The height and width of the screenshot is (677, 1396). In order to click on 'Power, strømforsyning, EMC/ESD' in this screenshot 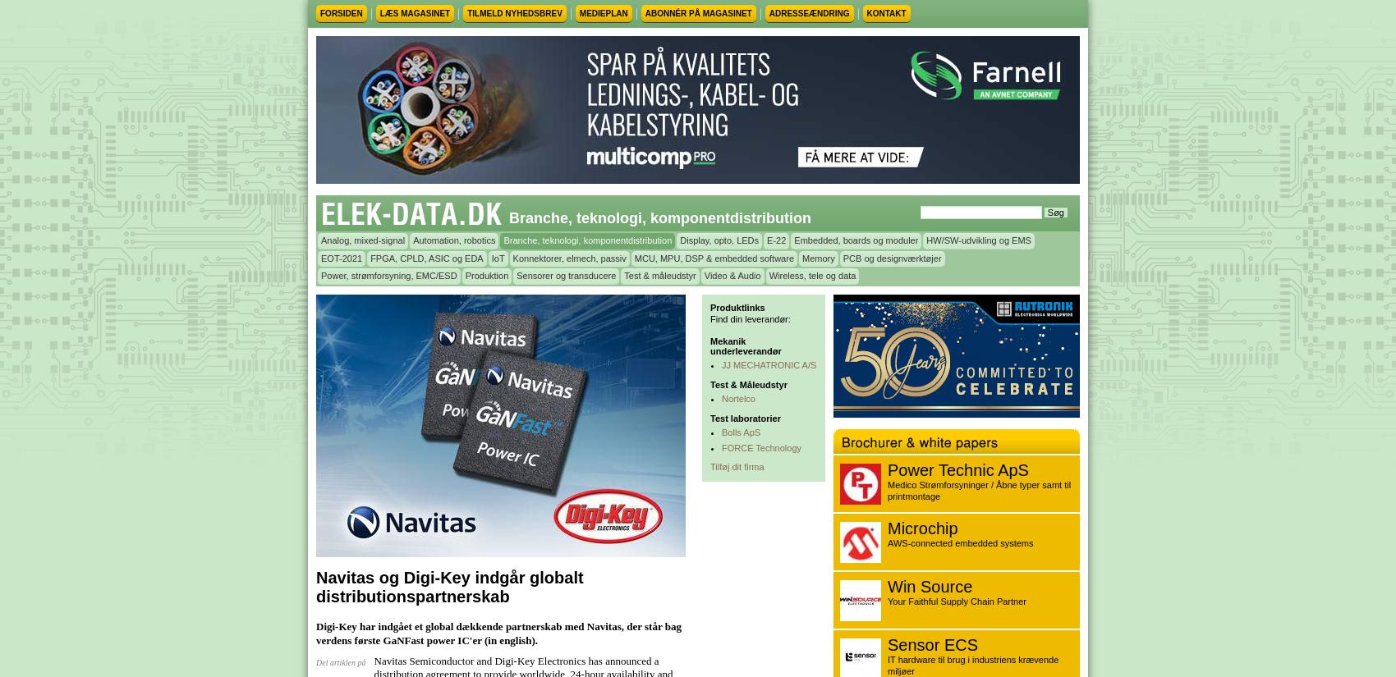, I will do `click(320, 275)`.